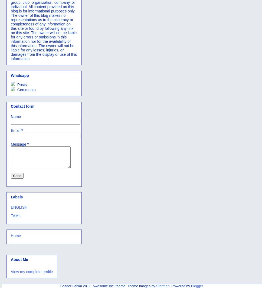 This screenshot has height=288, width=262. What do you see at coordinates (203, 286) in the screenshot?
I see `'.'` at bounding box center [203, 286].